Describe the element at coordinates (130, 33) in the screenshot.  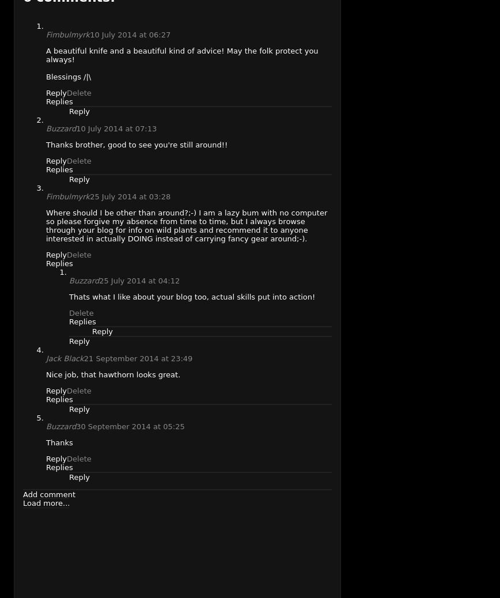
I see `'10 July 2014 at 06:27'` at that location.